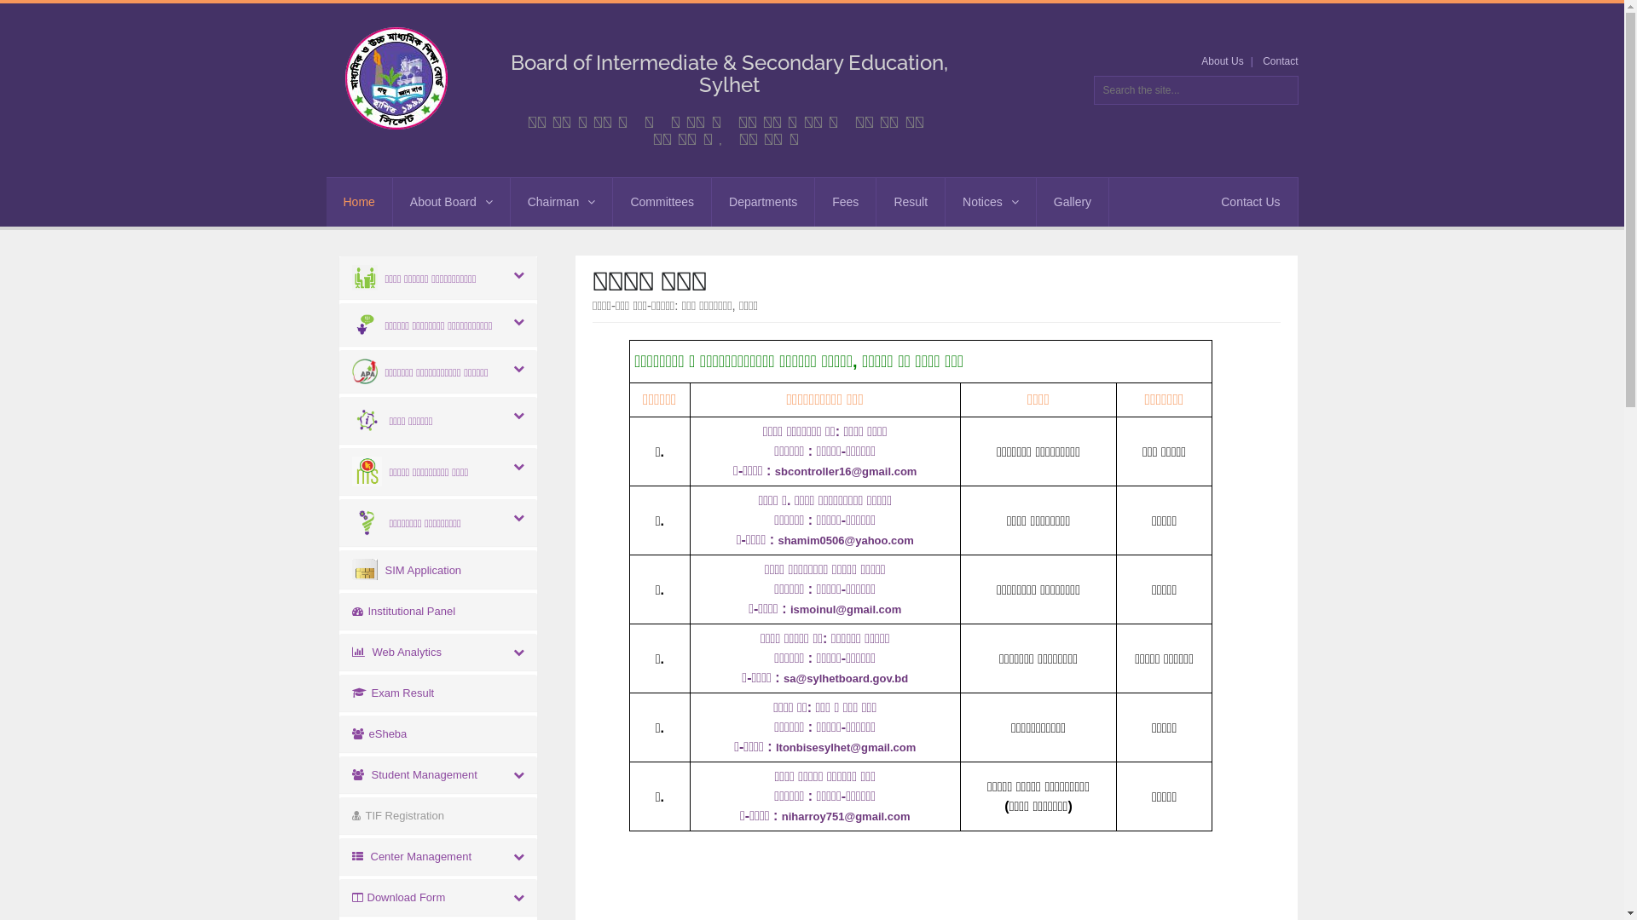 This screenshot has height=920, width=1637. Describe the element at coordinates (411, 856) in the screenshot. I see `'   Center Management'` at that location.